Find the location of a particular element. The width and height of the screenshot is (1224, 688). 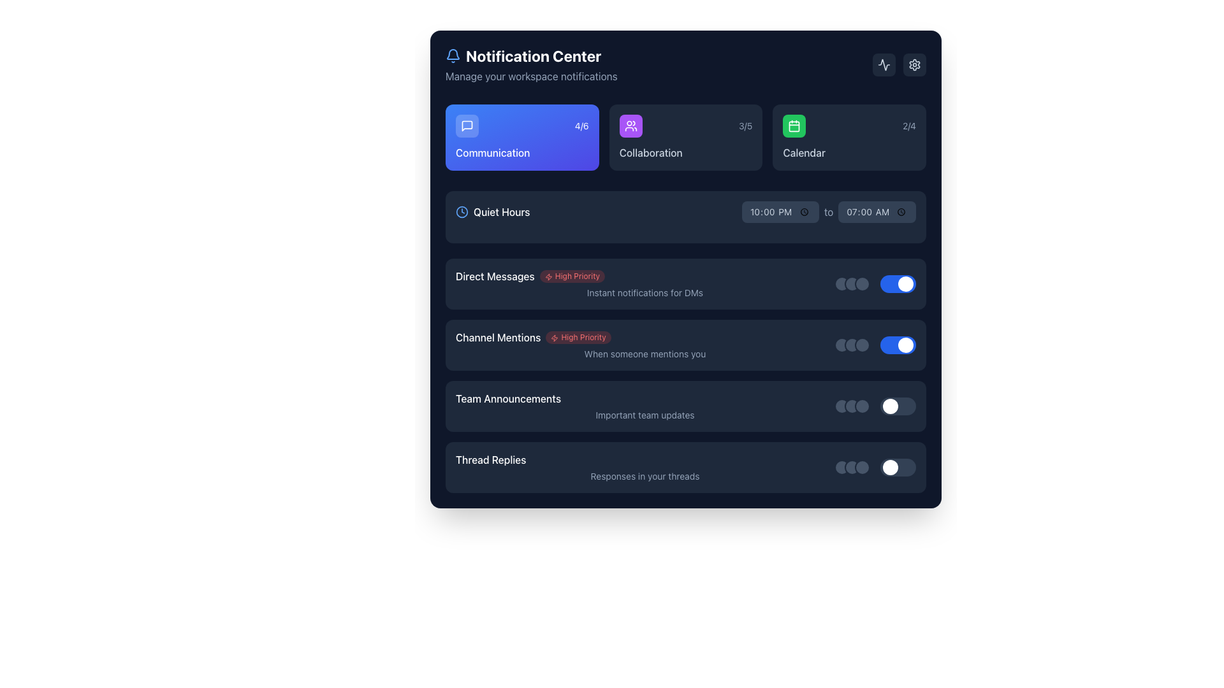

the speech bubble icon located at the top-left corner of the 'Communication' button, which is a small, rounded rectangle with a light blue background is located at coordinates (467, 125).